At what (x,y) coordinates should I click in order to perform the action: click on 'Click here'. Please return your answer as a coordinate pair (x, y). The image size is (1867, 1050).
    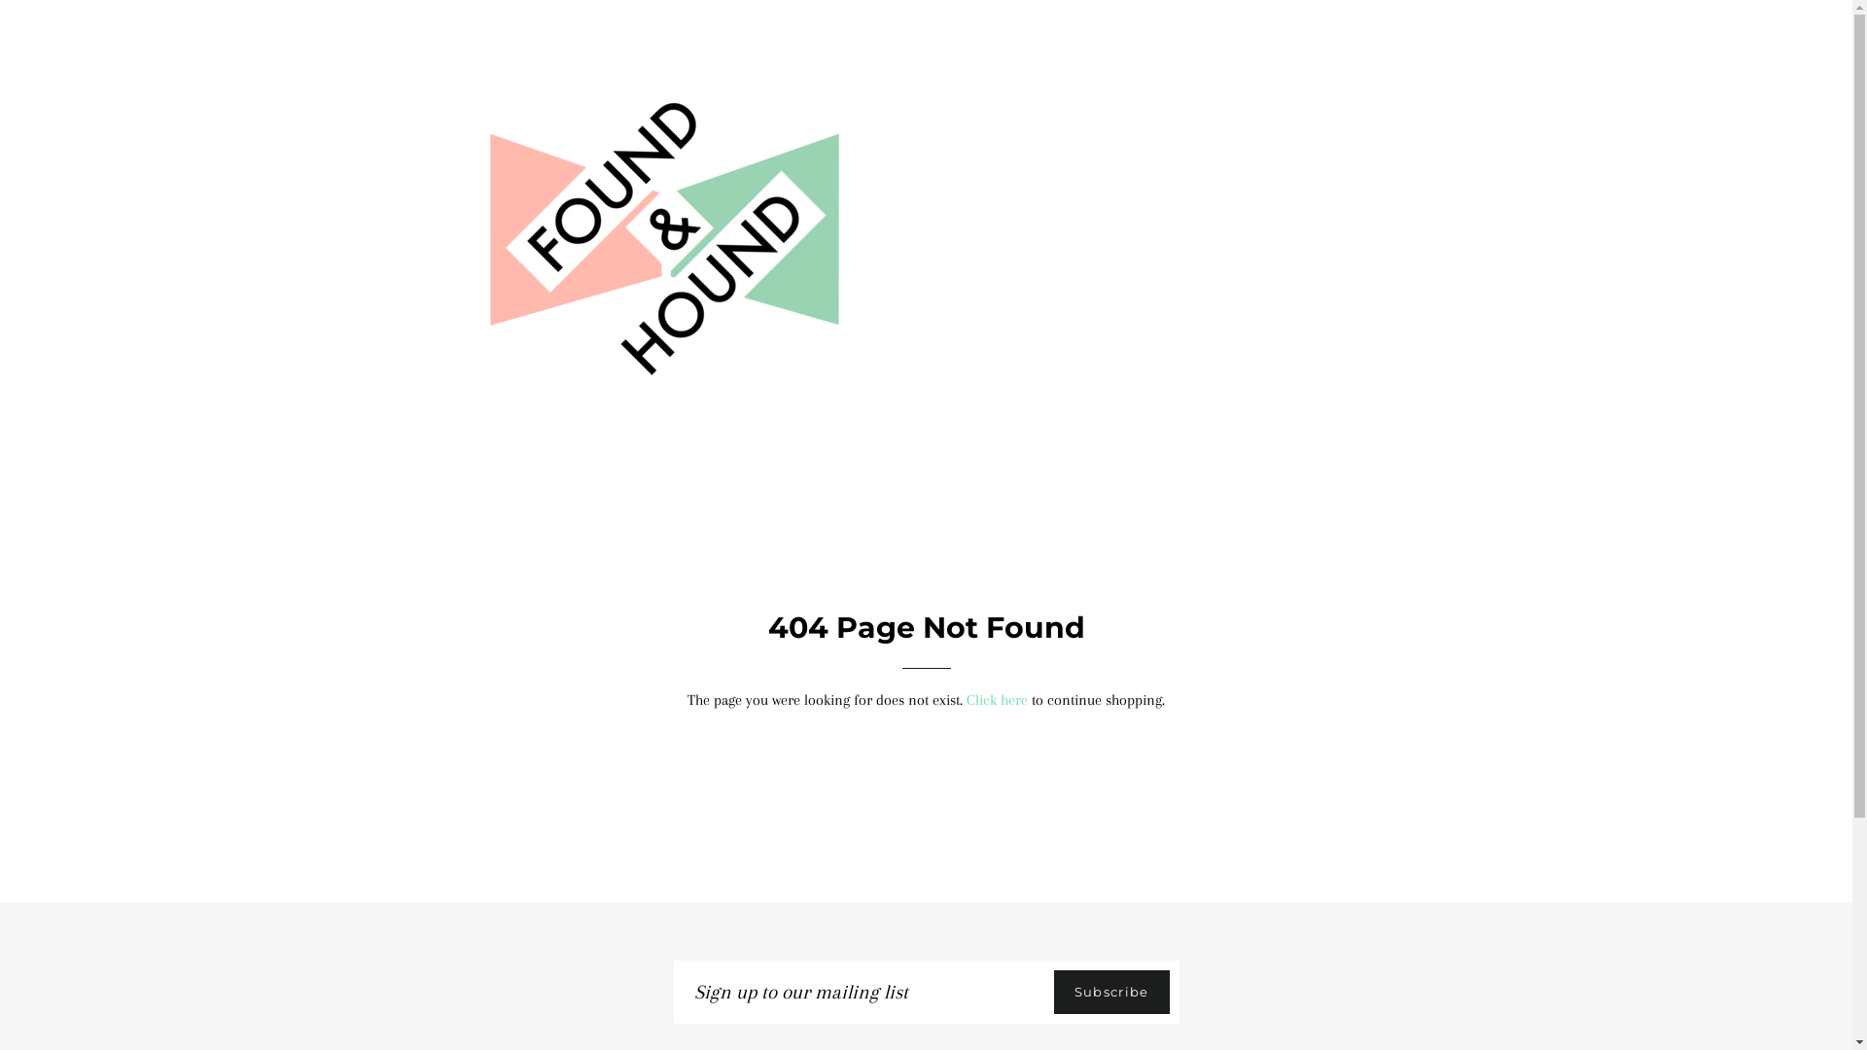
    Looking at the image, I should click on (997, 700).